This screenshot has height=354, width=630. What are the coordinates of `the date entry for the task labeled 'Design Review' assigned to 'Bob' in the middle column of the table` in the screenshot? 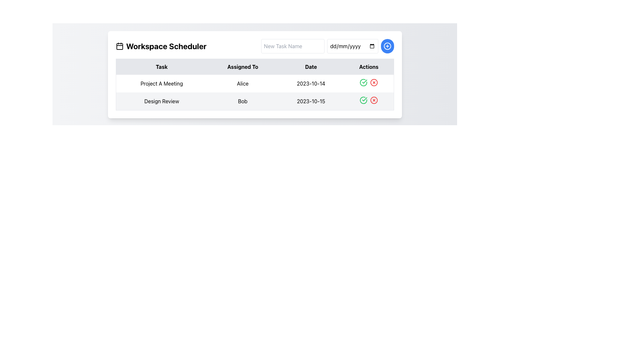 It's located at (310, 101).